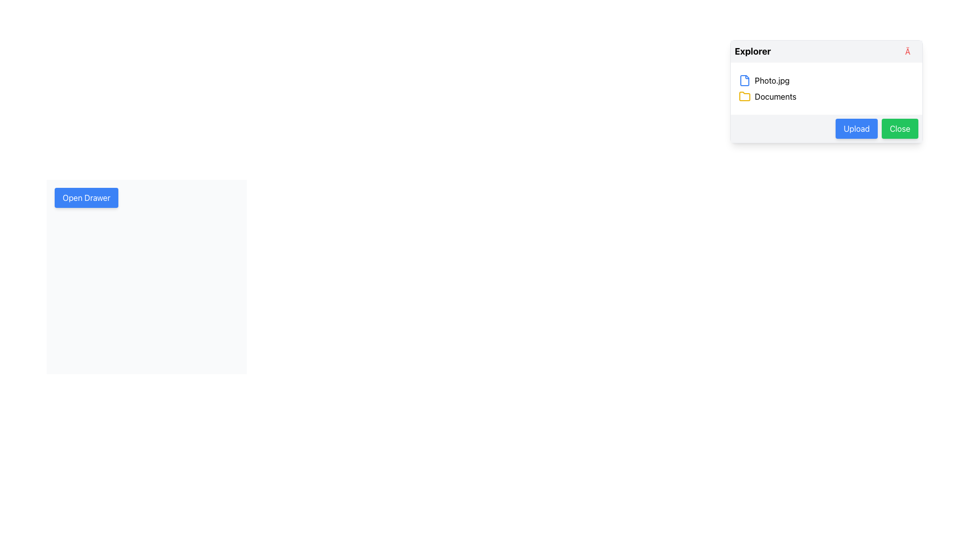 The width and height of the screenshot is (963, 541). I want to click on the 'Close' button, which is a green rectangular button with rounded corners and white text, located immediately to the right of the 'Upload' button, so click(900, 128).